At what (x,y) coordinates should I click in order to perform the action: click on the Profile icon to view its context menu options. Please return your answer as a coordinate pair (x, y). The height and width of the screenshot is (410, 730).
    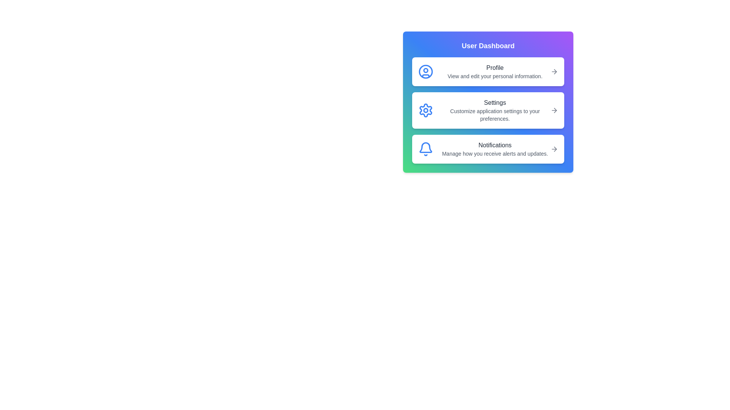
    Looking at the image, I should click on (425, 72).